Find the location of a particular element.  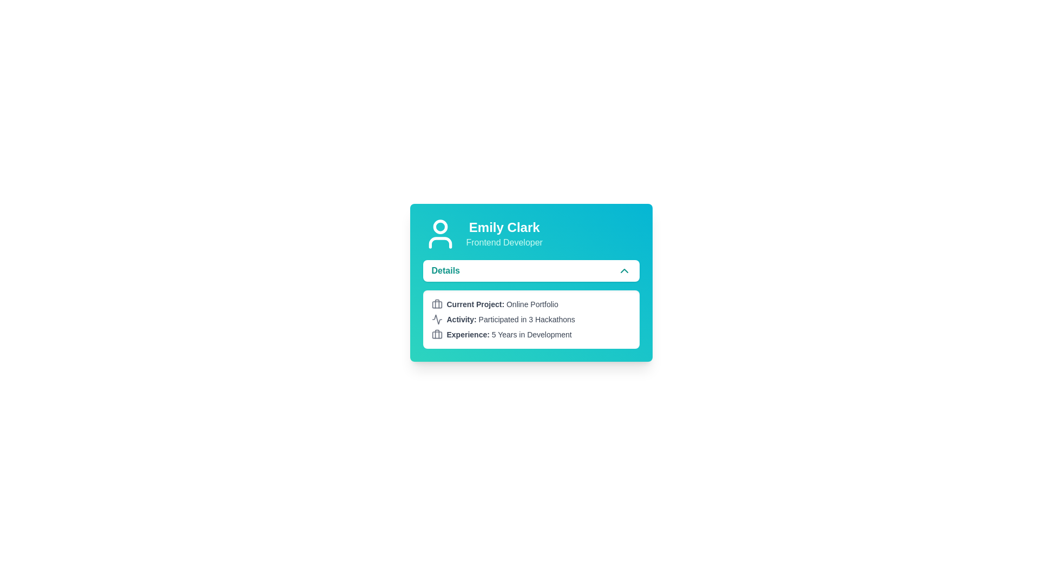

the informational Text Label that indicates participation in three hackathons, located in the middle of a vertical list within a card layout is located at coordinates (510, 318).